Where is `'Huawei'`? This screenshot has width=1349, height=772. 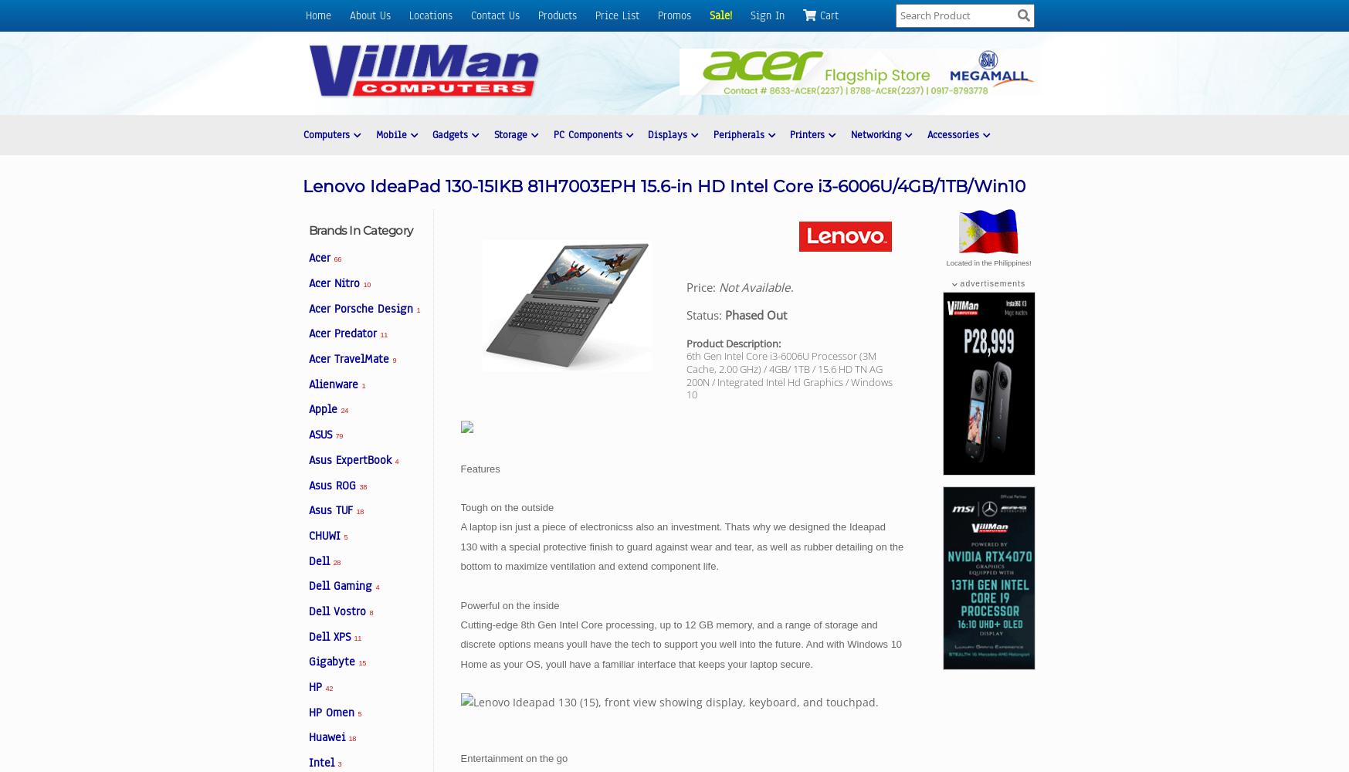
'Huawei' is located at coordinates (328, 736).